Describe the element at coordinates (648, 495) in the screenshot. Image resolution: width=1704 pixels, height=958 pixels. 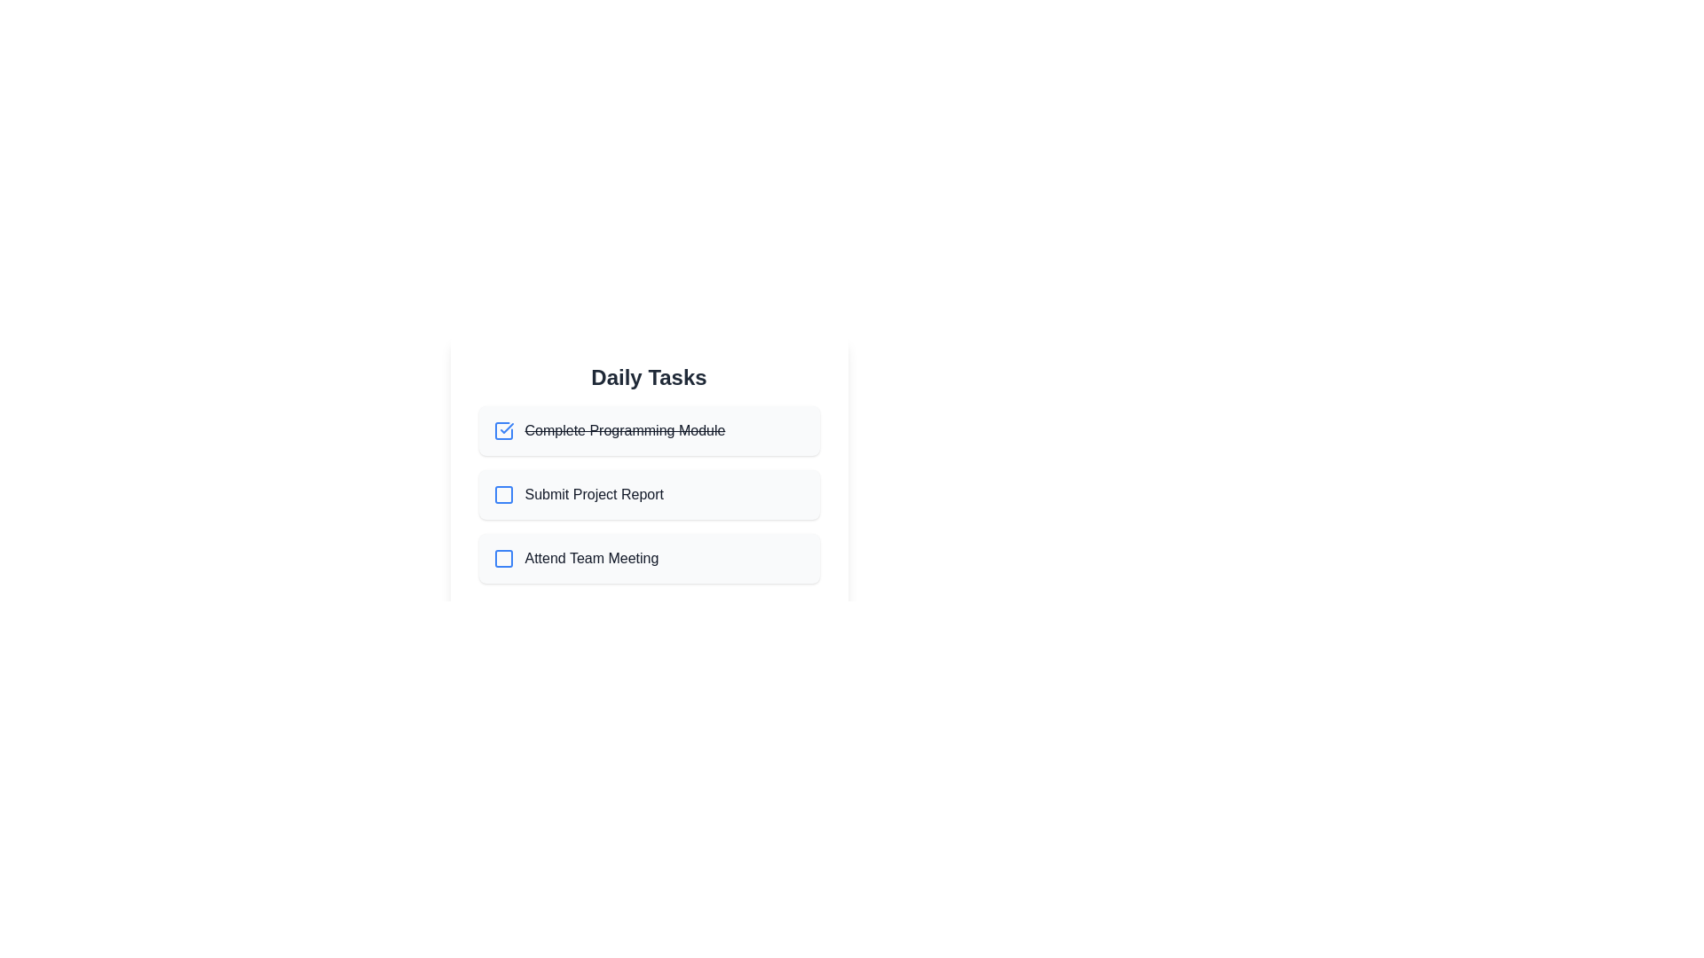
I see `the task list component located under the 'Daily Tasks' header` at that location.